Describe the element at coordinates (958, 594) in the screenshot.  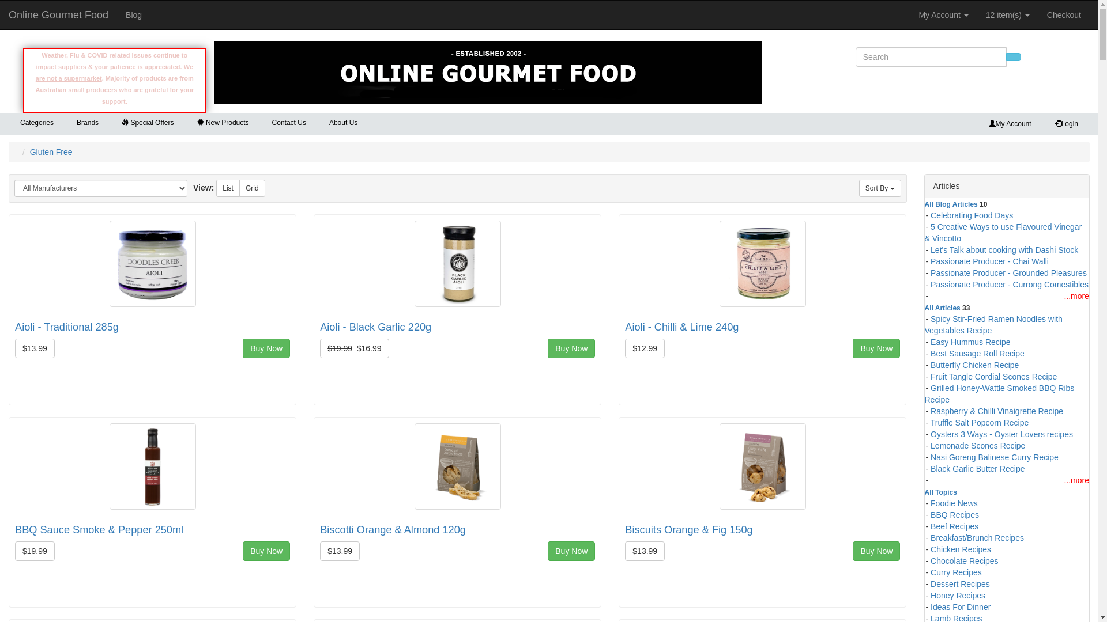
I see `'Honey Recipes'` at that location.